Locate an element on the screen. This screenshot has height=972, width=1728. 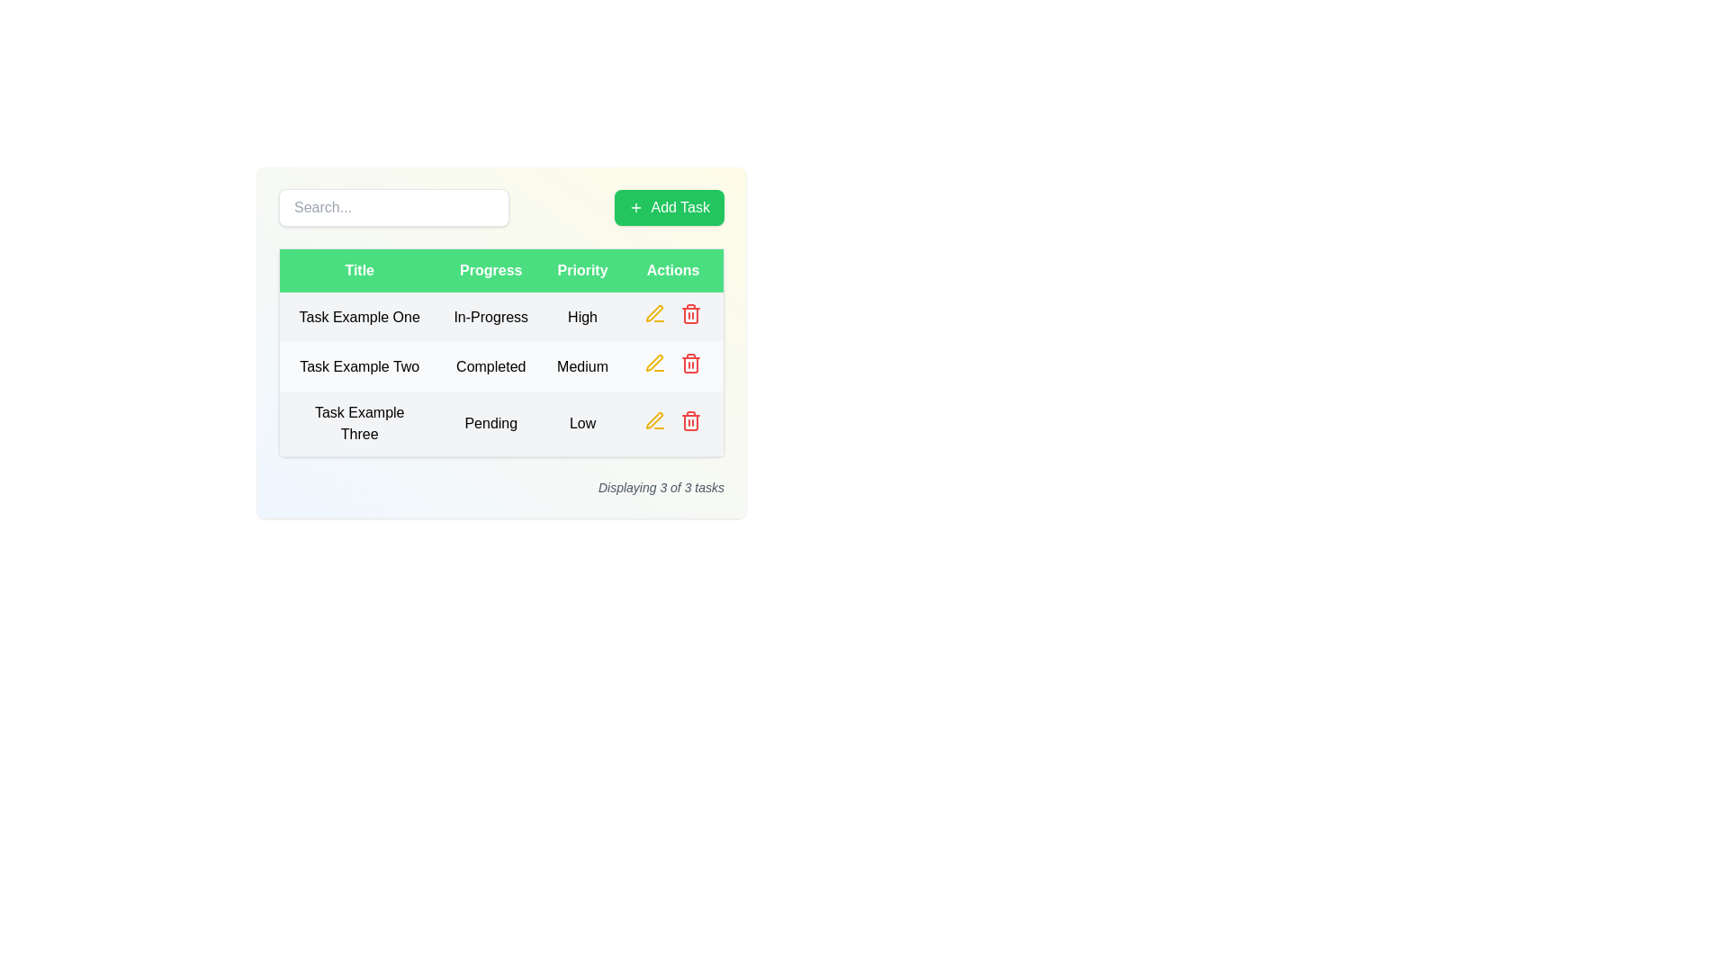
text label that says 'Completed', which is located in the second column under the 'Progress' column for the row labeled 'Task Example Two' is located at coordinates (490, 365).